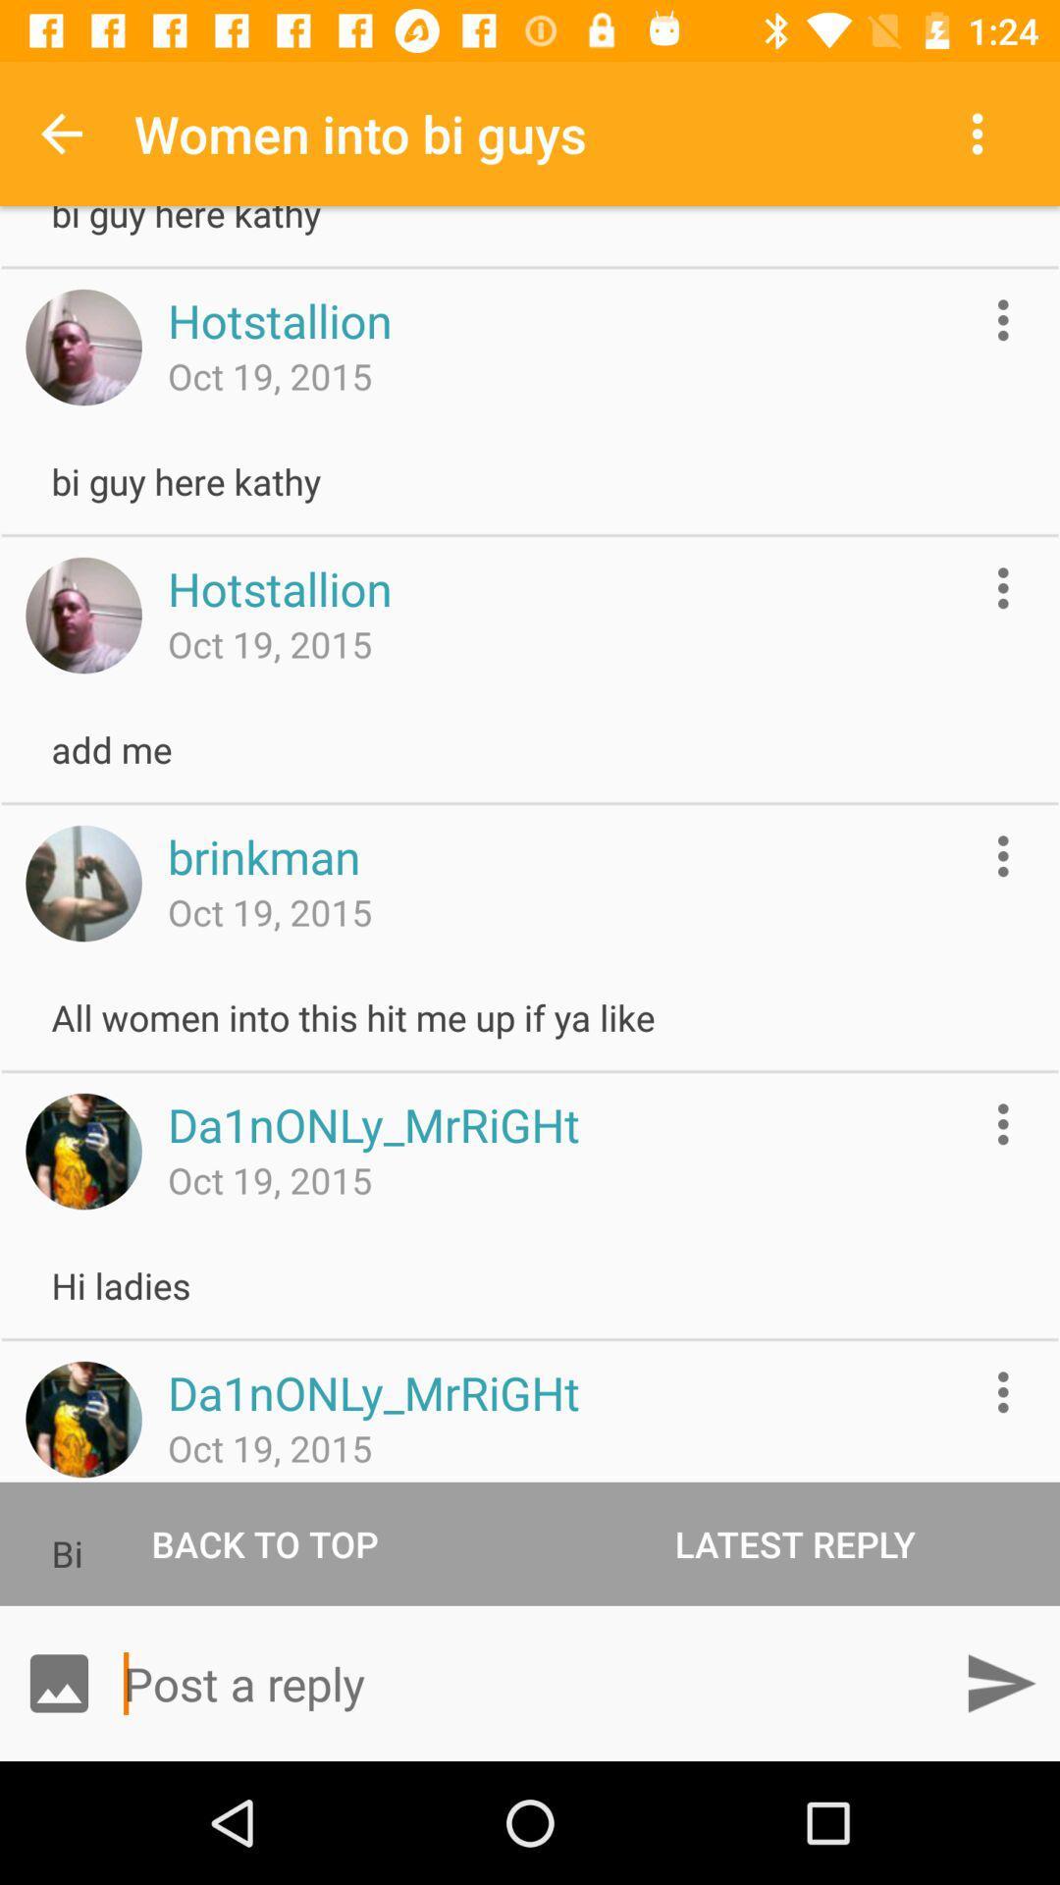 The image size is (1060, 1885). What do you see at coordinates (82, 348) in the screenshot?
I see `profile picture` at bounding box center [82, 348].